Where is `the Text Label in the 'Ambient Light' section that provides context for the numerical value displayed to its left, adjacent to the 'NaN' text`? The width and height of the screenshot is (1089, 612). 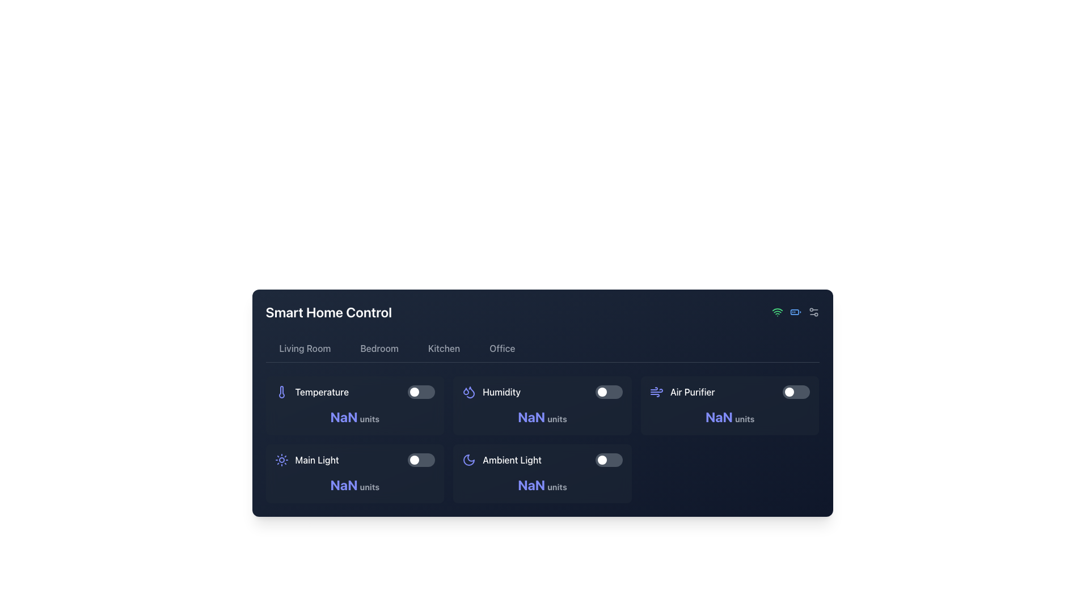
the Text Label in the 'Ambient Light' section that provides context for the numerical value displayed to its left, adjacent to the 'NaN' text is located at coordinates (557, 486).